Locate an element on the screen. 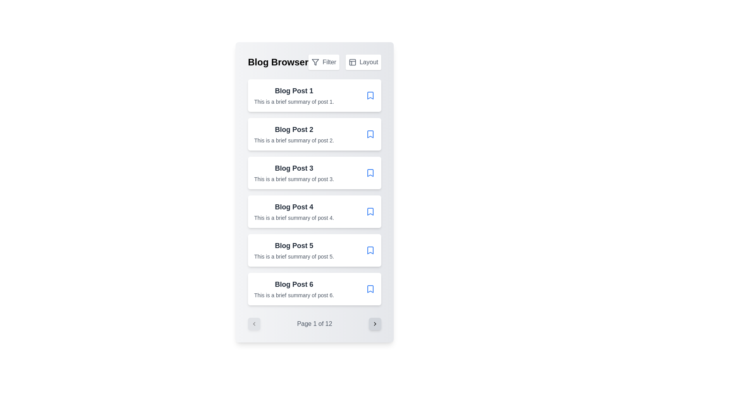 This screenshot has width=744, height=418. the stylized bookmark icon, which is the fifth icon in the list of bookmark icons aligned to the right side of the blog post card is located at coordinates (370, 250).